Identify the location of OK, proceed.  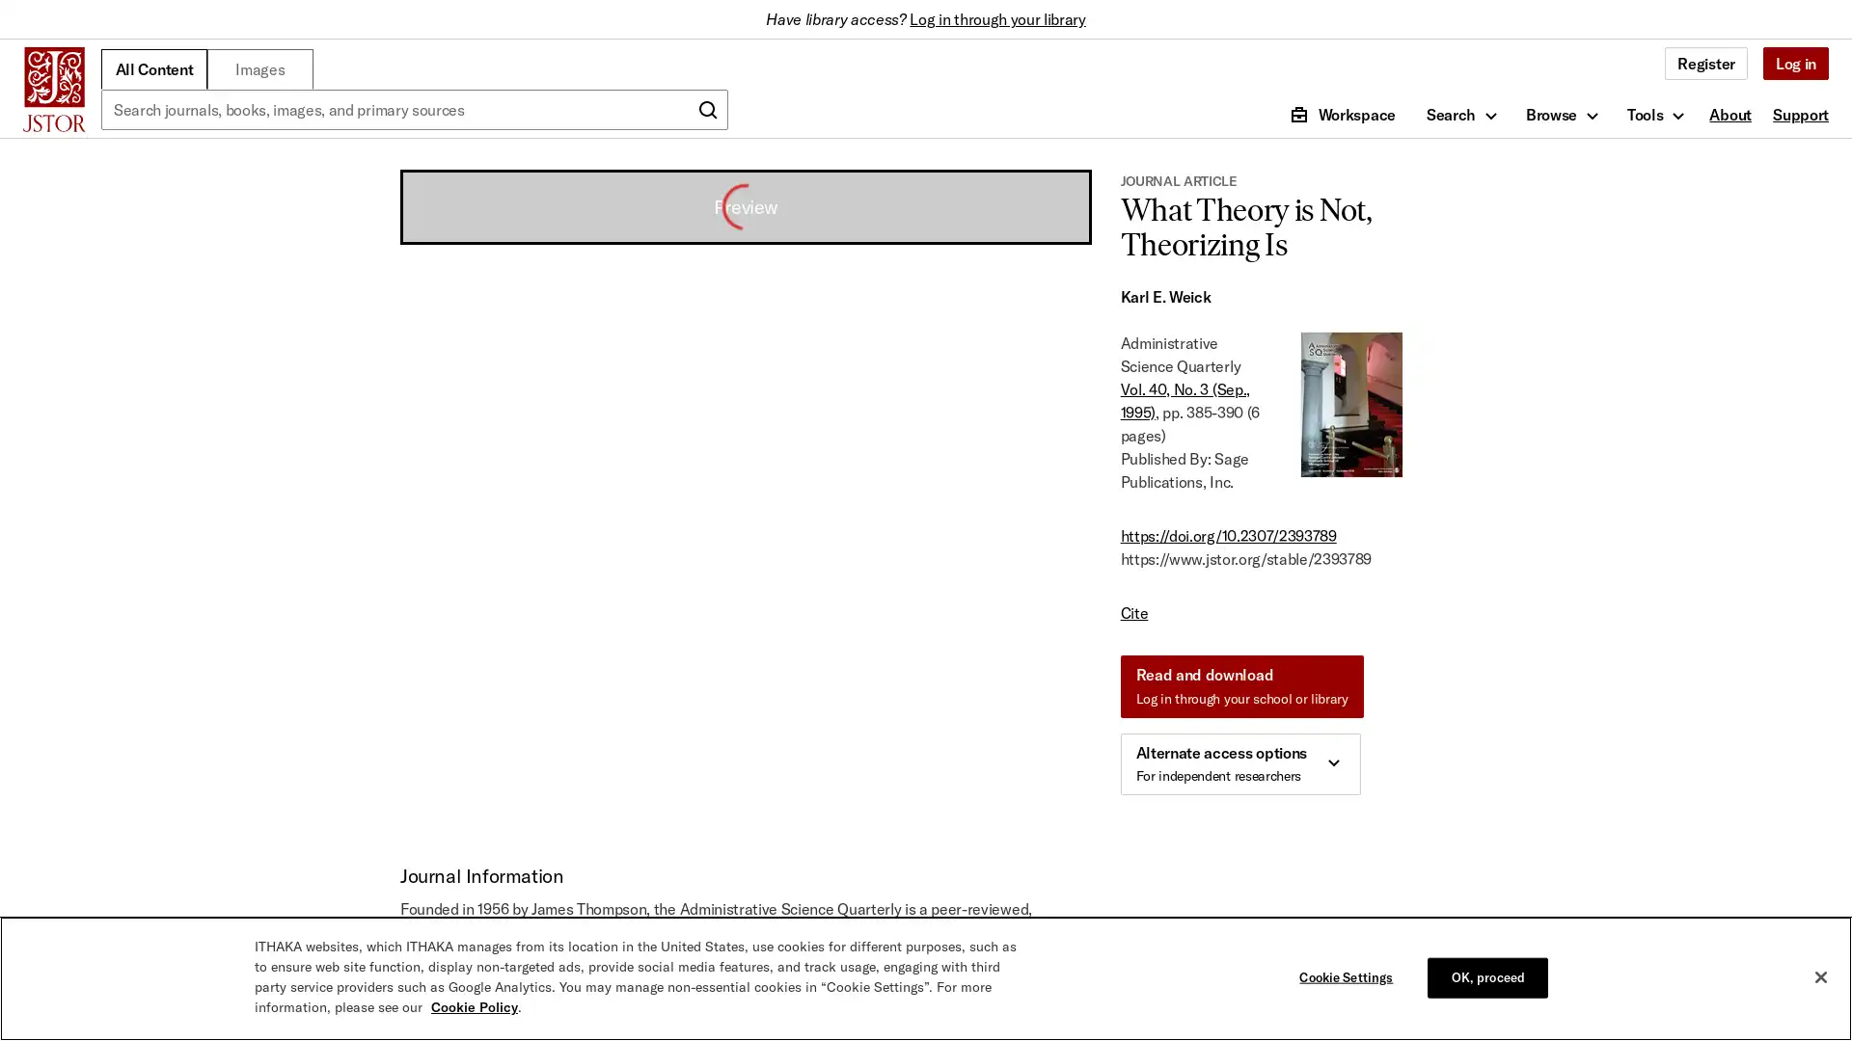
(1486, 977).